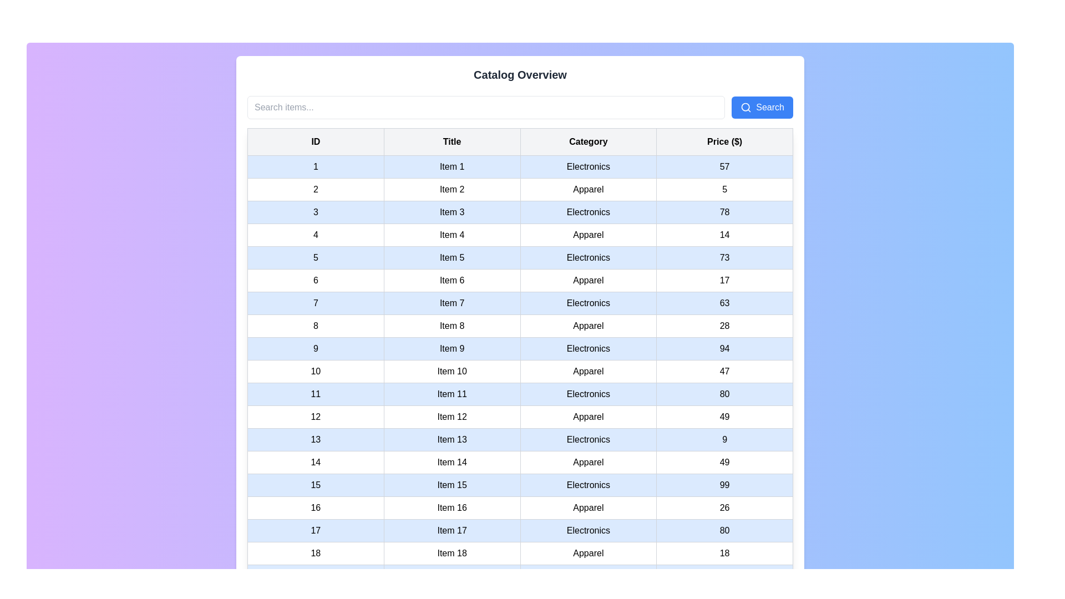  Describe the element at coordinates (519, 189) in the screenshot. I see `the second row of the table` at that location.